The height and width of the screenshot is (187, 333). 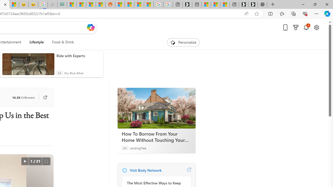 I want to click on 'anim-content', so click(x=28, y=66).